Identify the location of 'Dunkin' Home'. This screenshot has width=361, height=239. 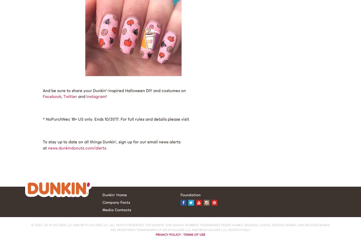
(114, 194).